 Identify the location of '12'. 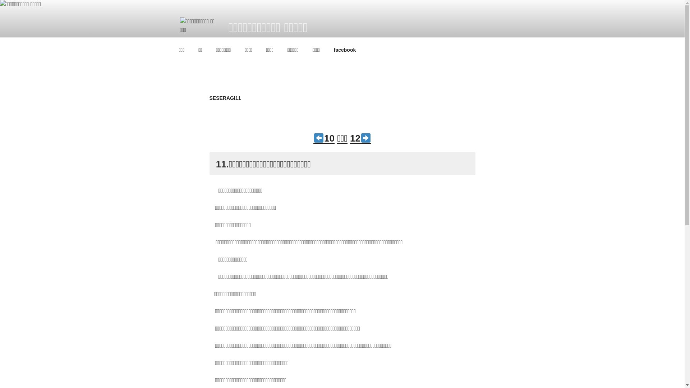
(360, 138).